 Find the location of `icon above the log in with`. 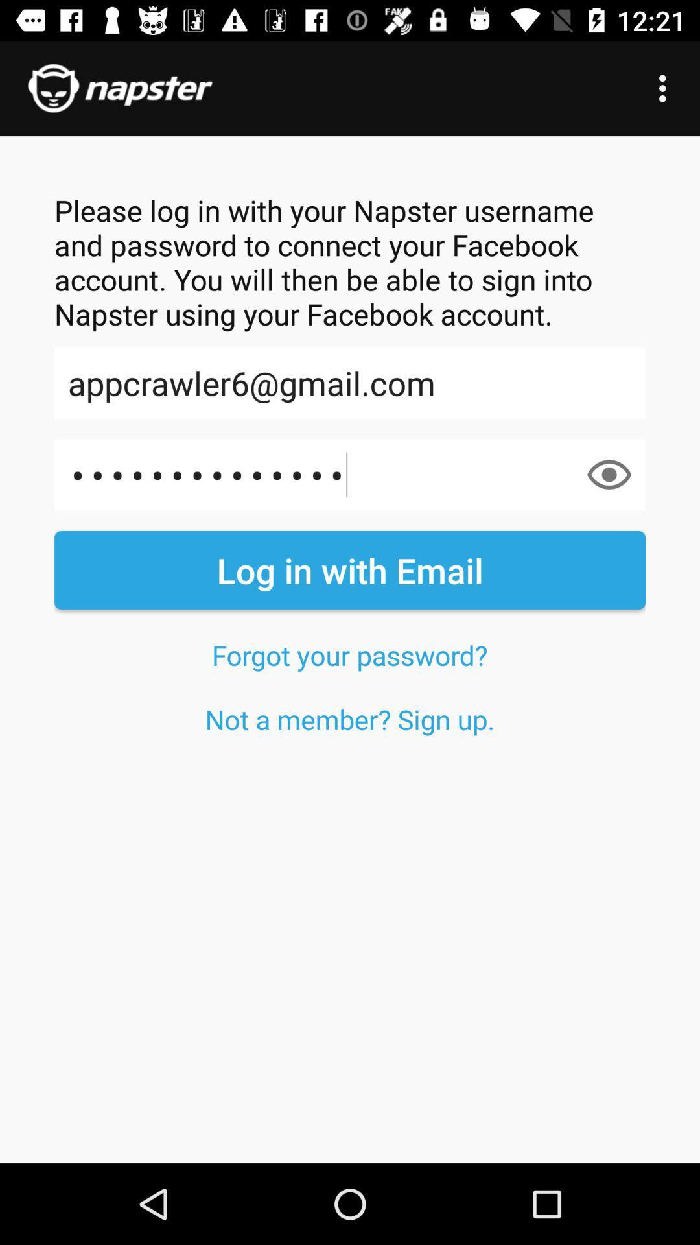

icon above the log in with is located at coordinates (350, 474).